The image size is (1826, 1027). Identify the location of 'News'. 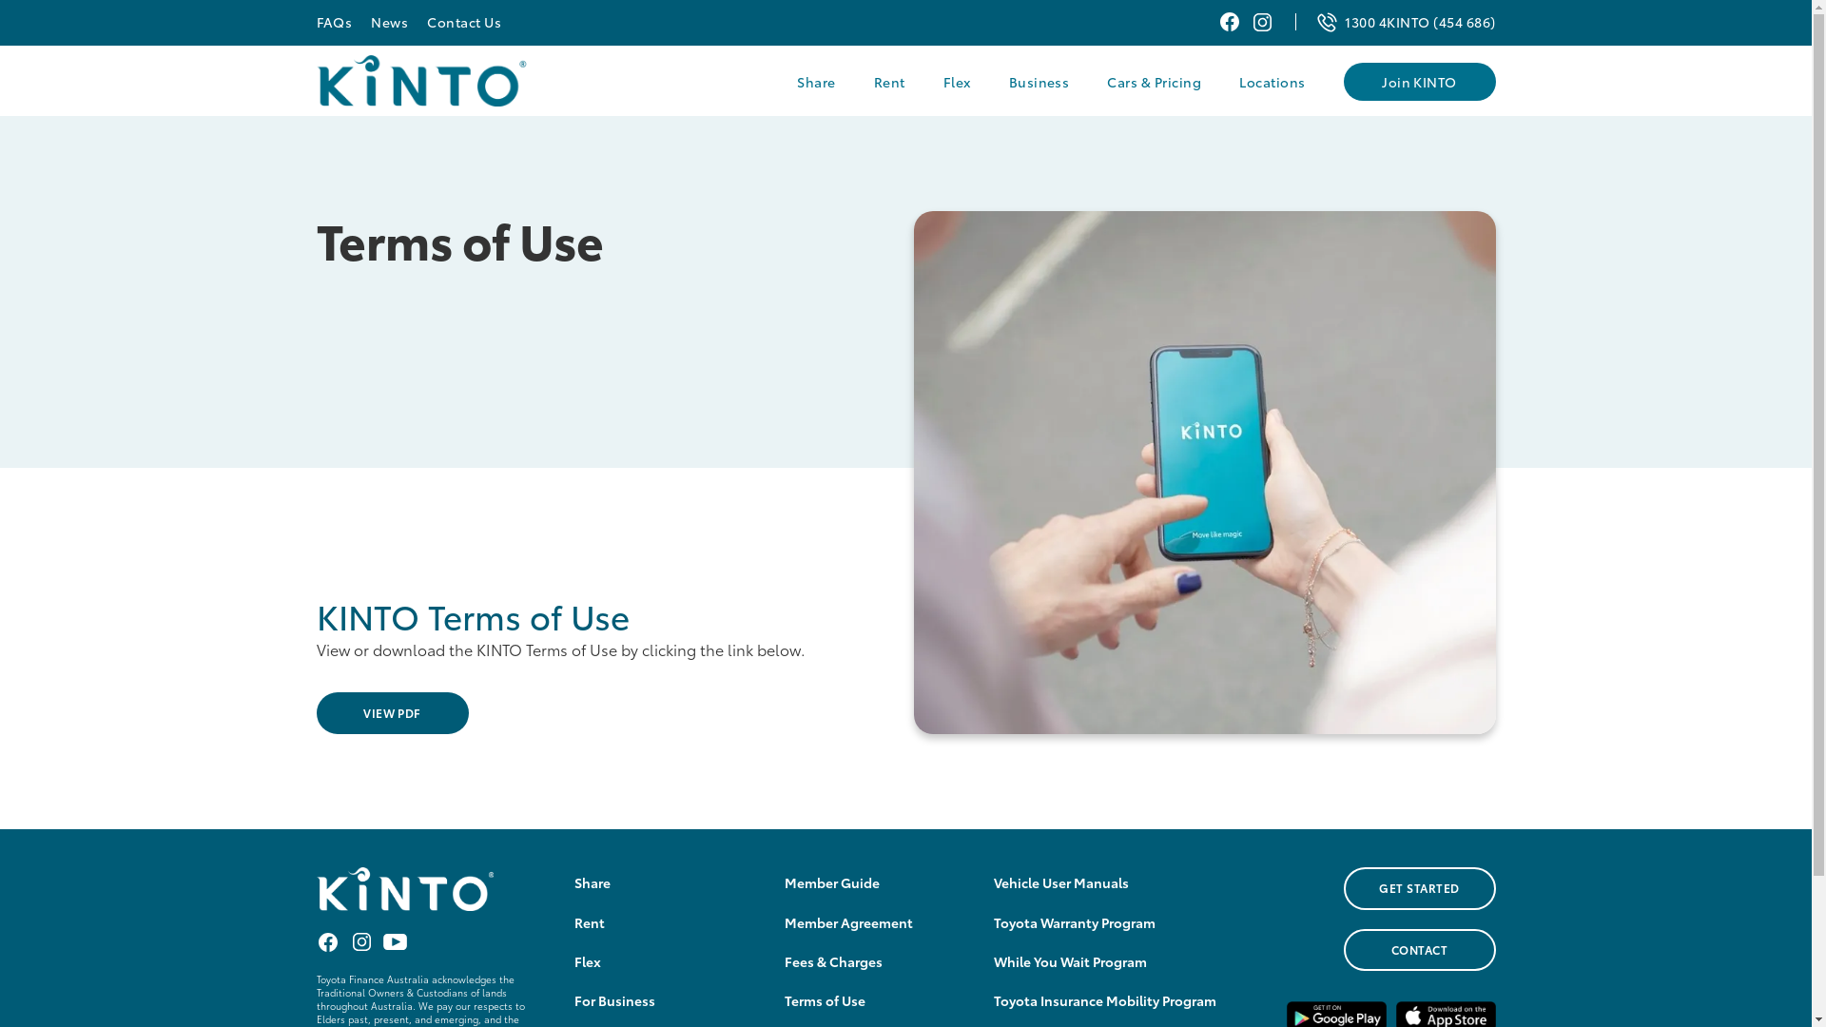
(388, 22).